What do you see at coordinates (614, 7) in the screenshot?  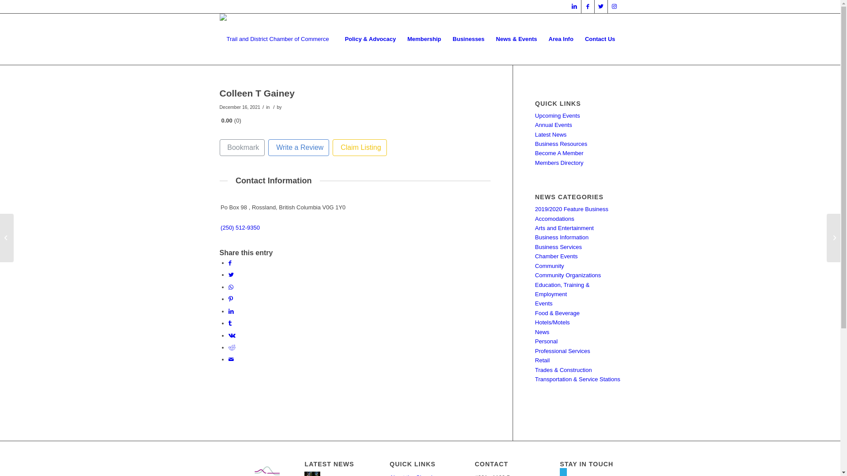 I see `'Instagram'` at bounding box center [614, 7].